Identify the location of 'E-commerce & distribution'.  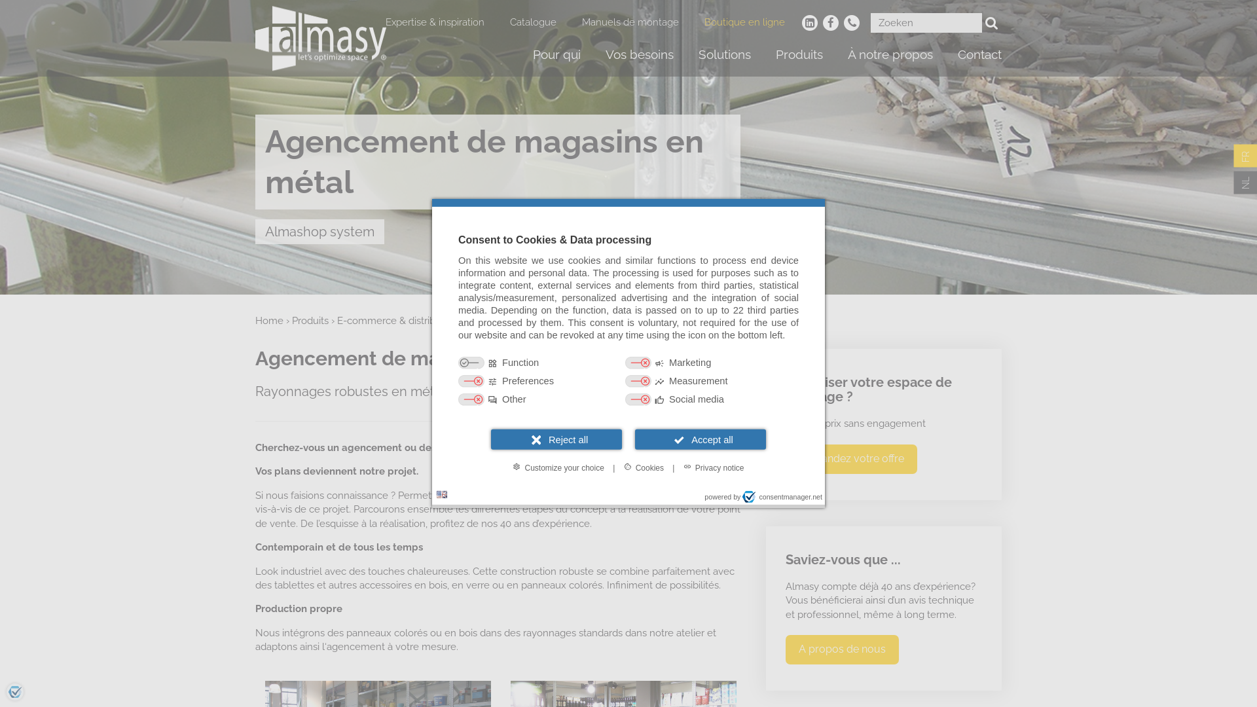
(397, 320).